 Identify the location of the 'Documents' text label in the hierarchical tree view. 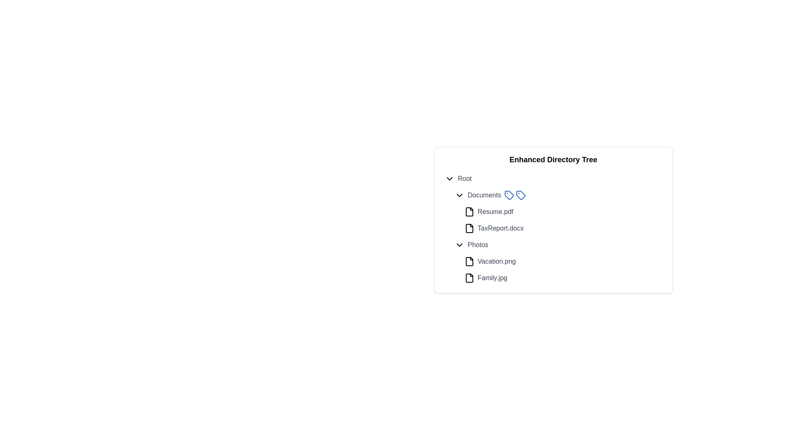
(484, 195).